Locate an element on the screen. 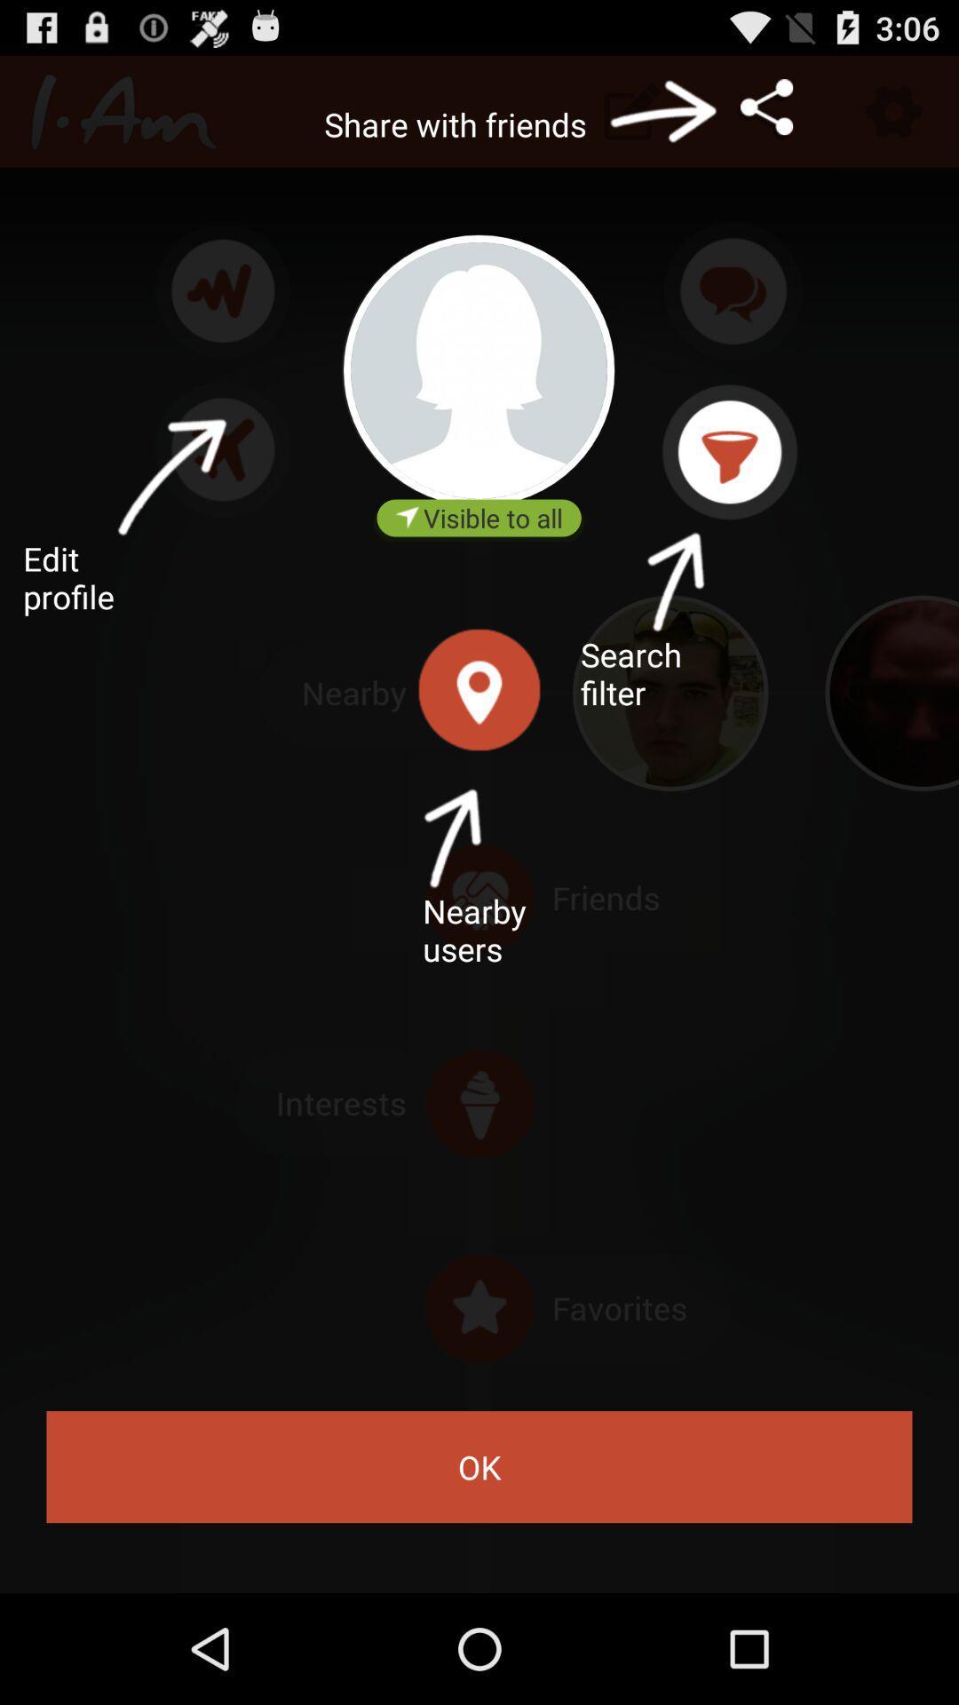  the ok is located at coordinates (479, 1467).